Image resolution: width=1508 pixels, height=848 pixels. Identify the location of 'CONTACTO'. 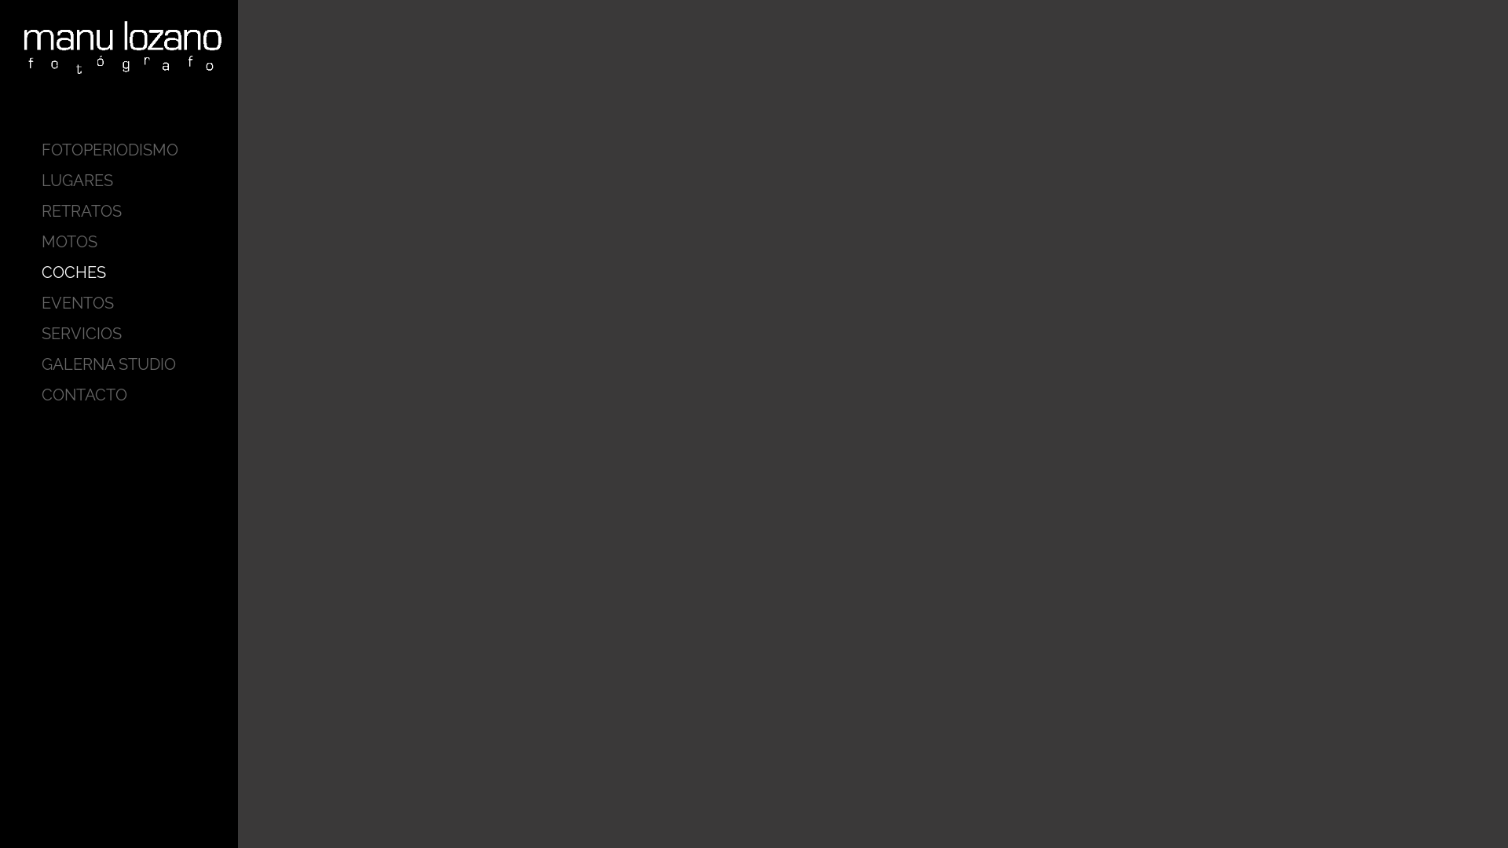
(108, 393).